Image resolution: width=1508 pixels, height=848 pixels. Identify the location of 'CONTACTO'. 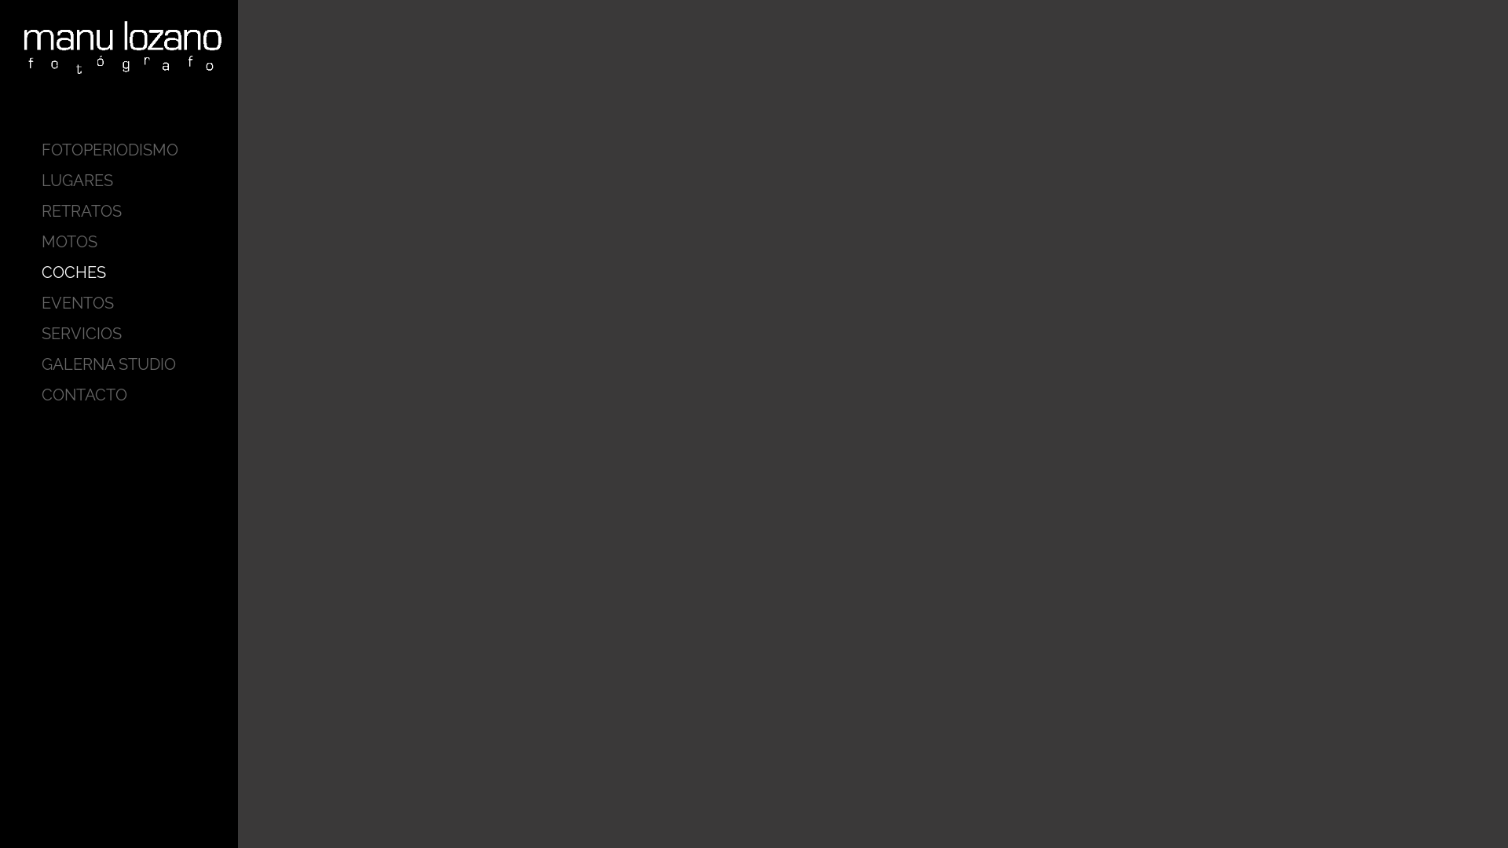
(108, 393).